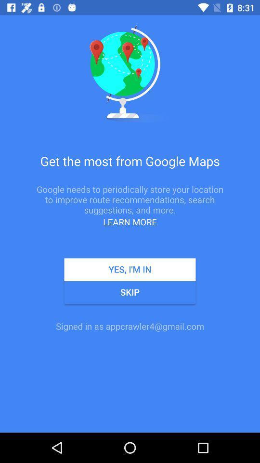 The width and height of the screenshot is (260, 463). I want to click on the skip icon, so click(130, 292).